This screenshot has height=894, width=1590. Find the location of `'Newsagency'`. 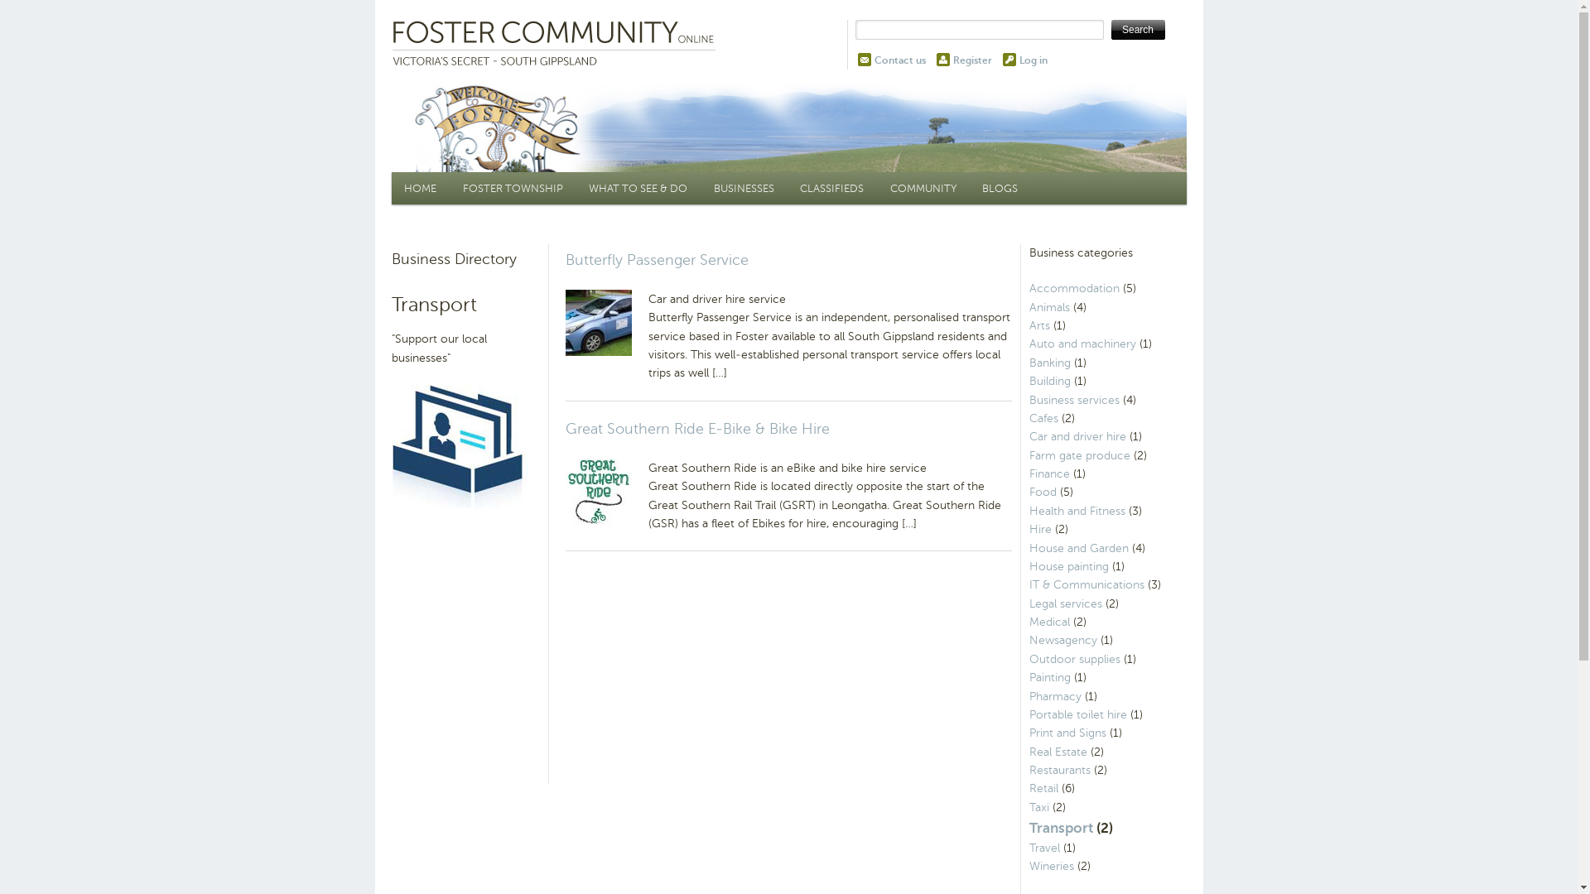

'Newsagency' is located at coordinates (1062, 639).